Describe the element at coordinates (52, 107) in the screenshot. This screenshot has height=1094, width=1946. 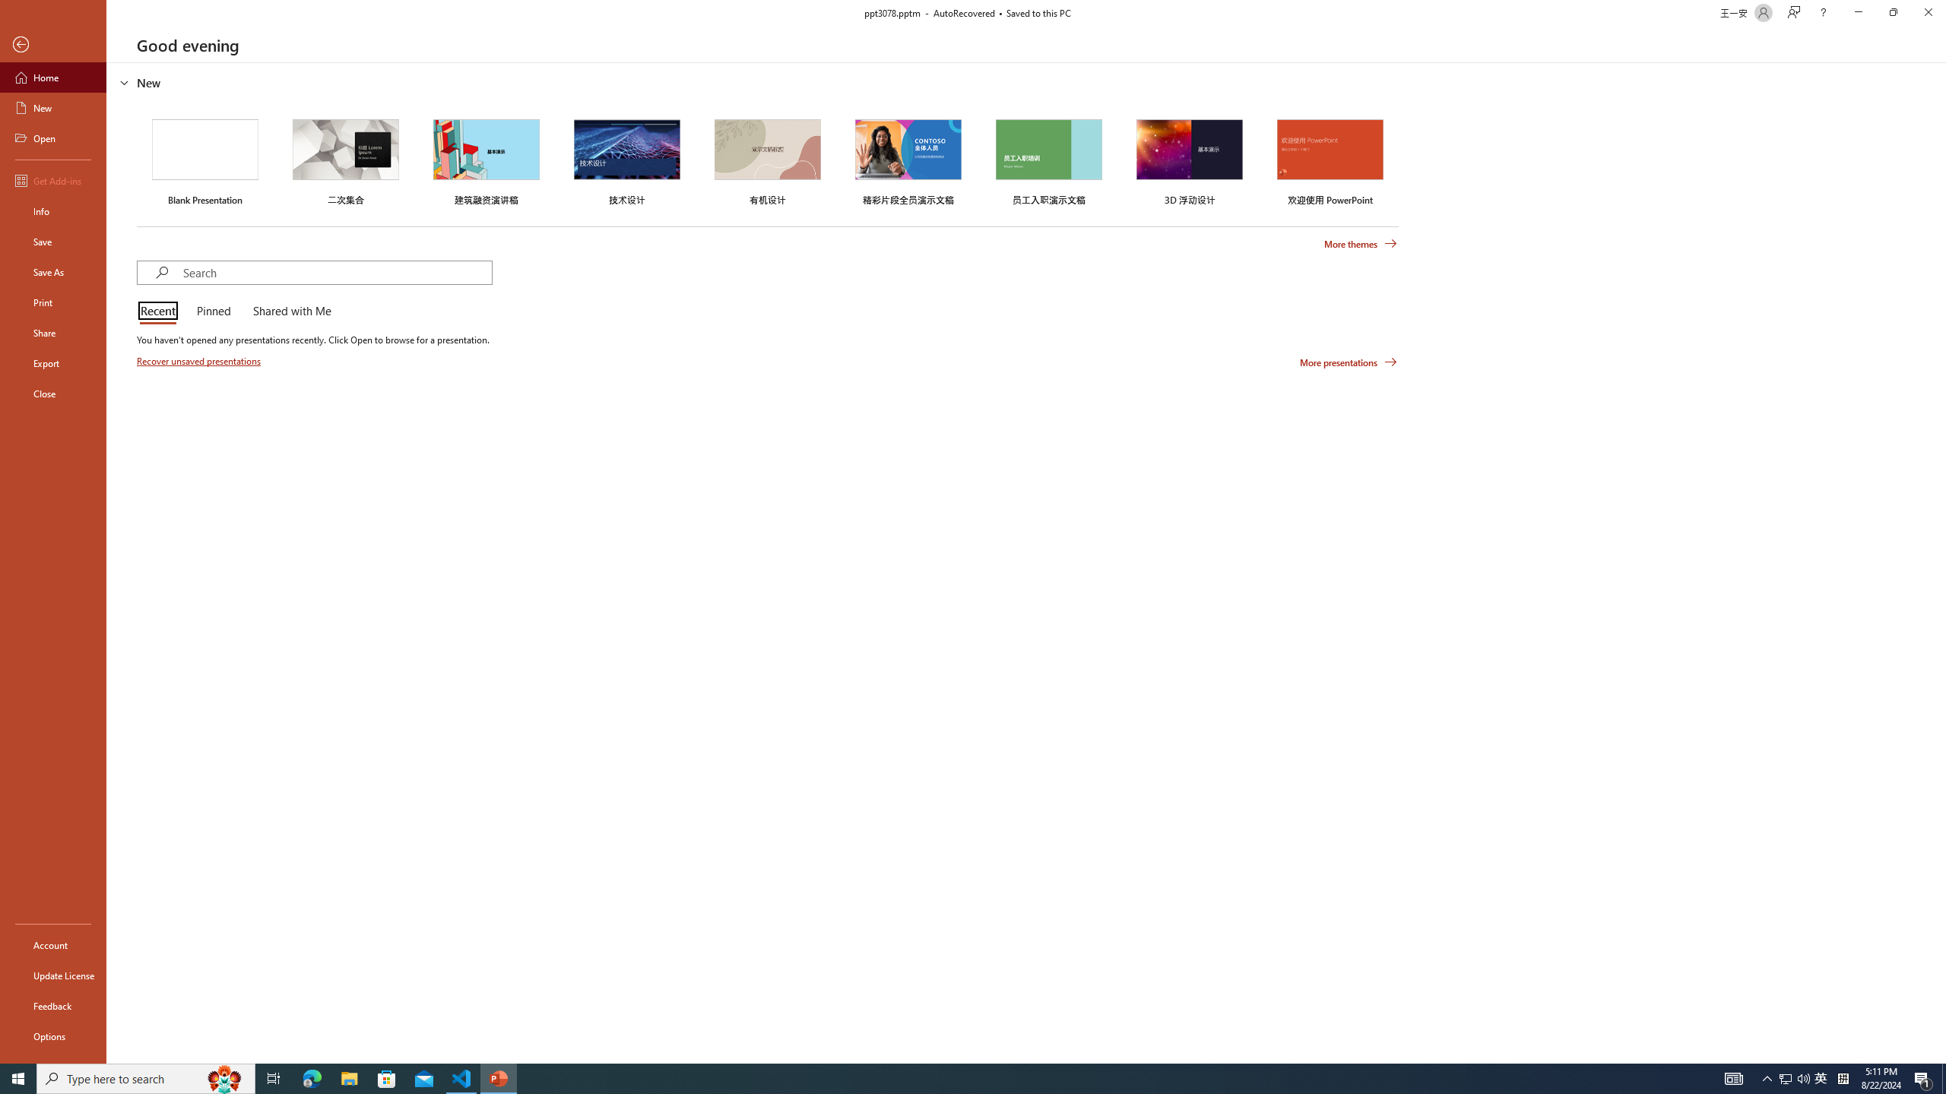
I see `'New'` at that location.